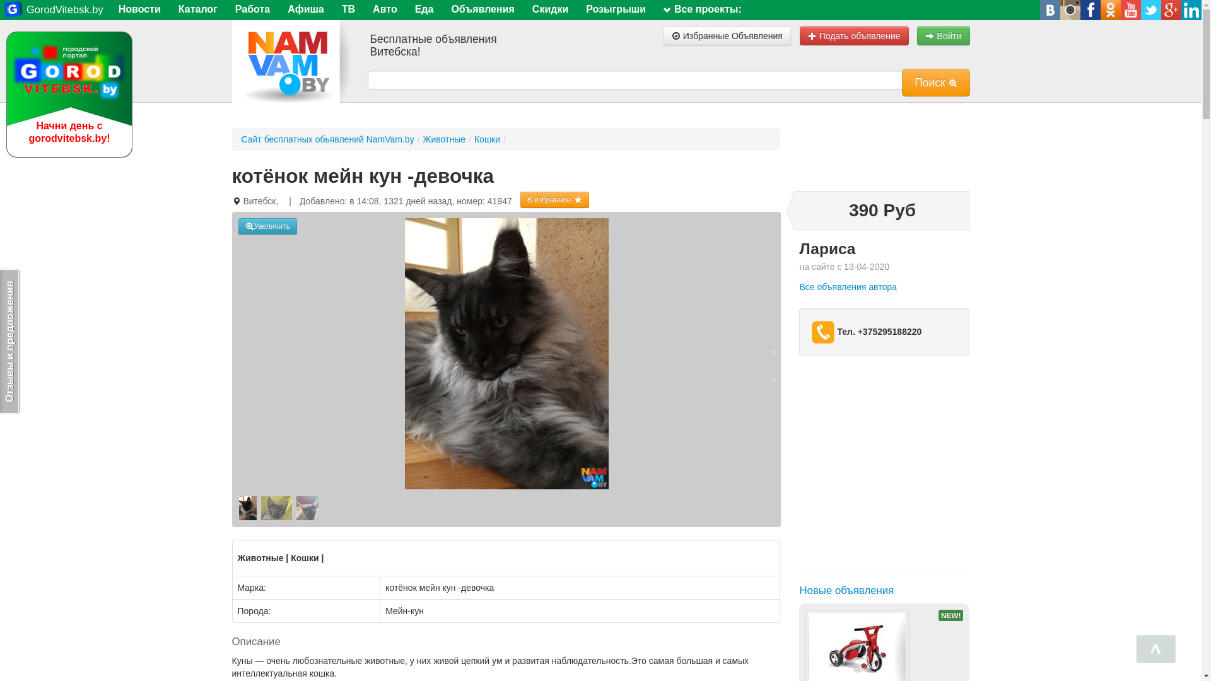 The height and width of the screenshot is (681, 1211). Describe the element at coordinates (3, 9) in the screenshot. I see `'GorodVitebsk.by'` at that location.